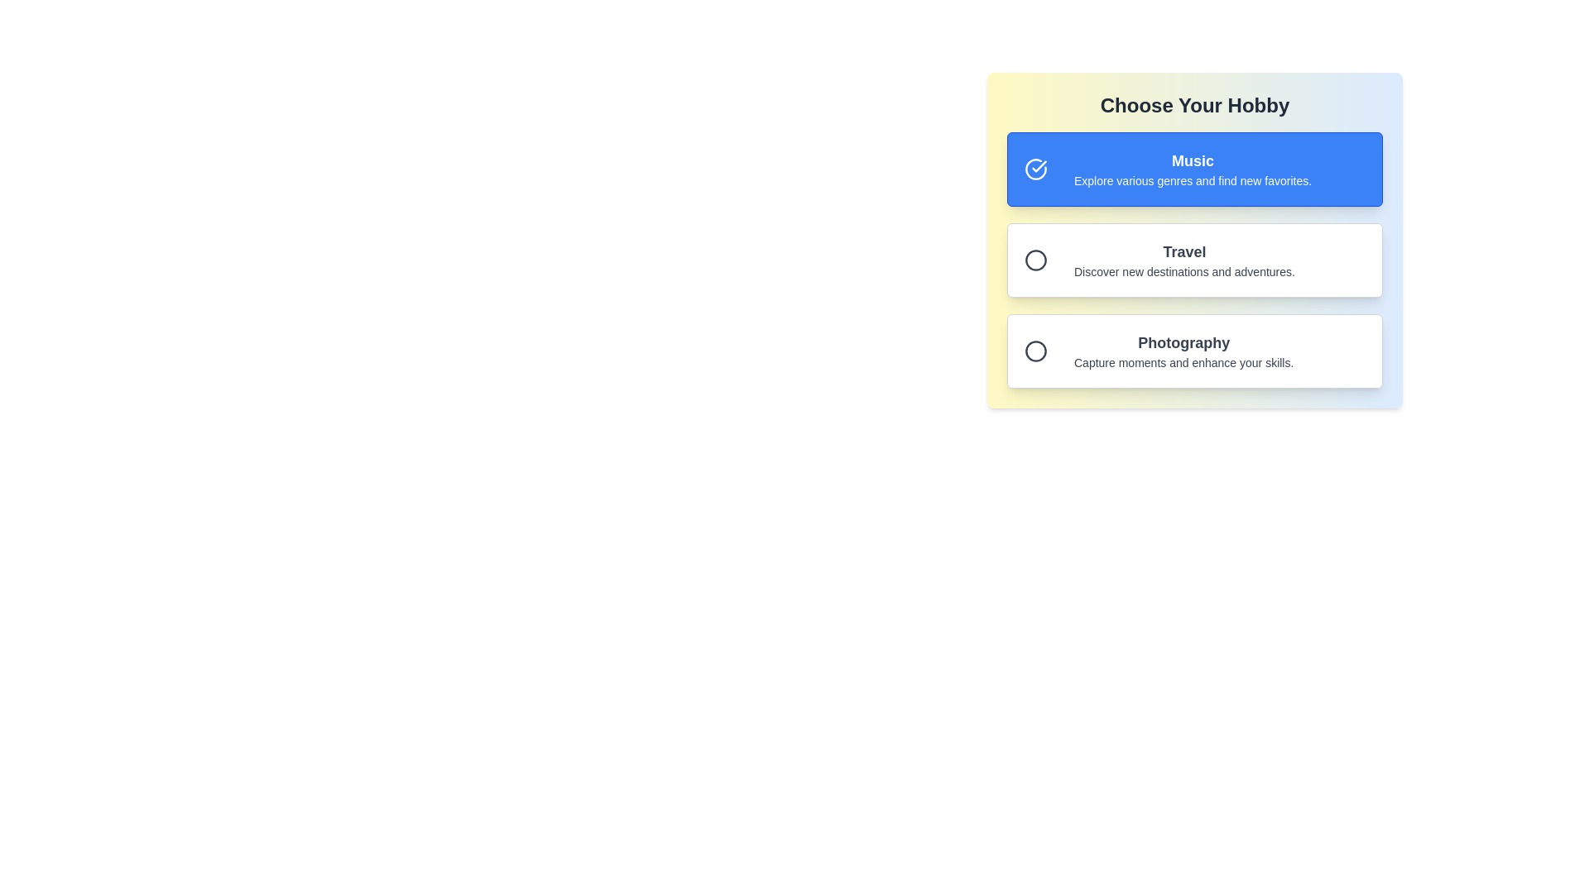  Describe the element at coordinates (1195, 169) in the screenshot. I see `the selectable item with a blue background and white text labeled 'Music', which includes a checkmark icon and is the first item in a vertical list` at that location.